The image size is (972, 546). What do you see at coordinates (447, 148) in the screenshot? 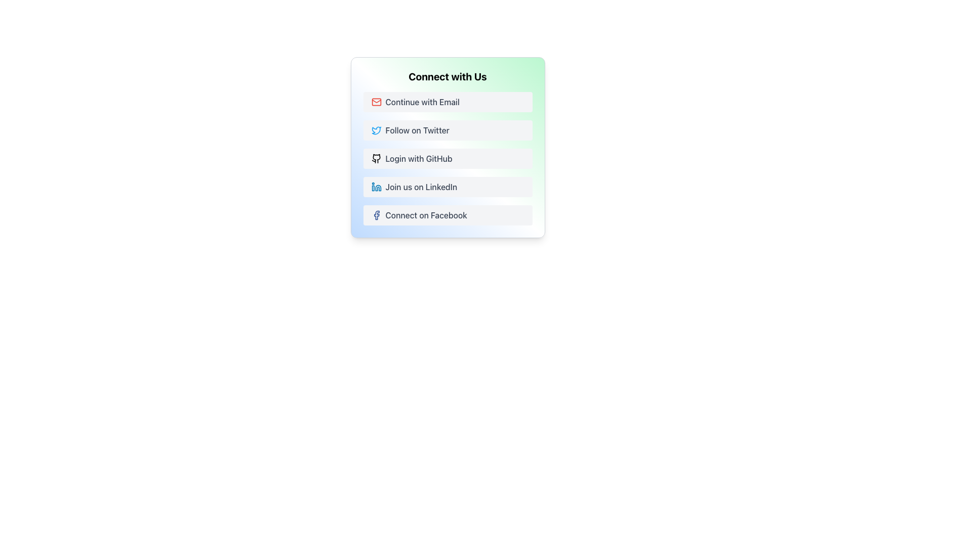
I see `the rectangular white button labeled 'Login with GitHub'` at bounding box center [447, 148].